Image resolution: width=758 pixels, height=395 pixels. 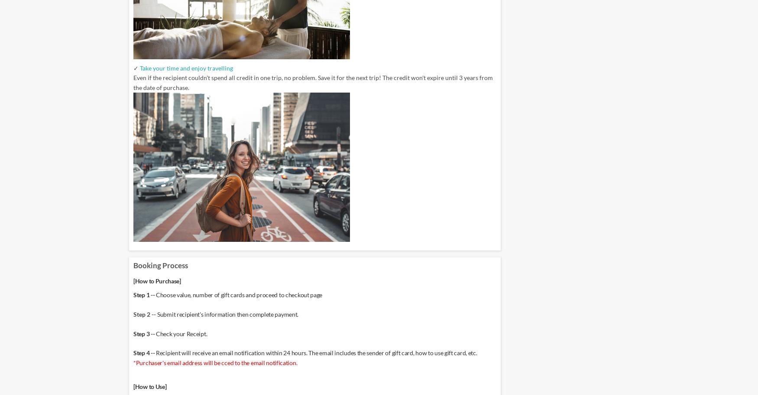 I want to click on '*Purchaser's email address will be cced to the email notification.', so click(x=215, y=362).